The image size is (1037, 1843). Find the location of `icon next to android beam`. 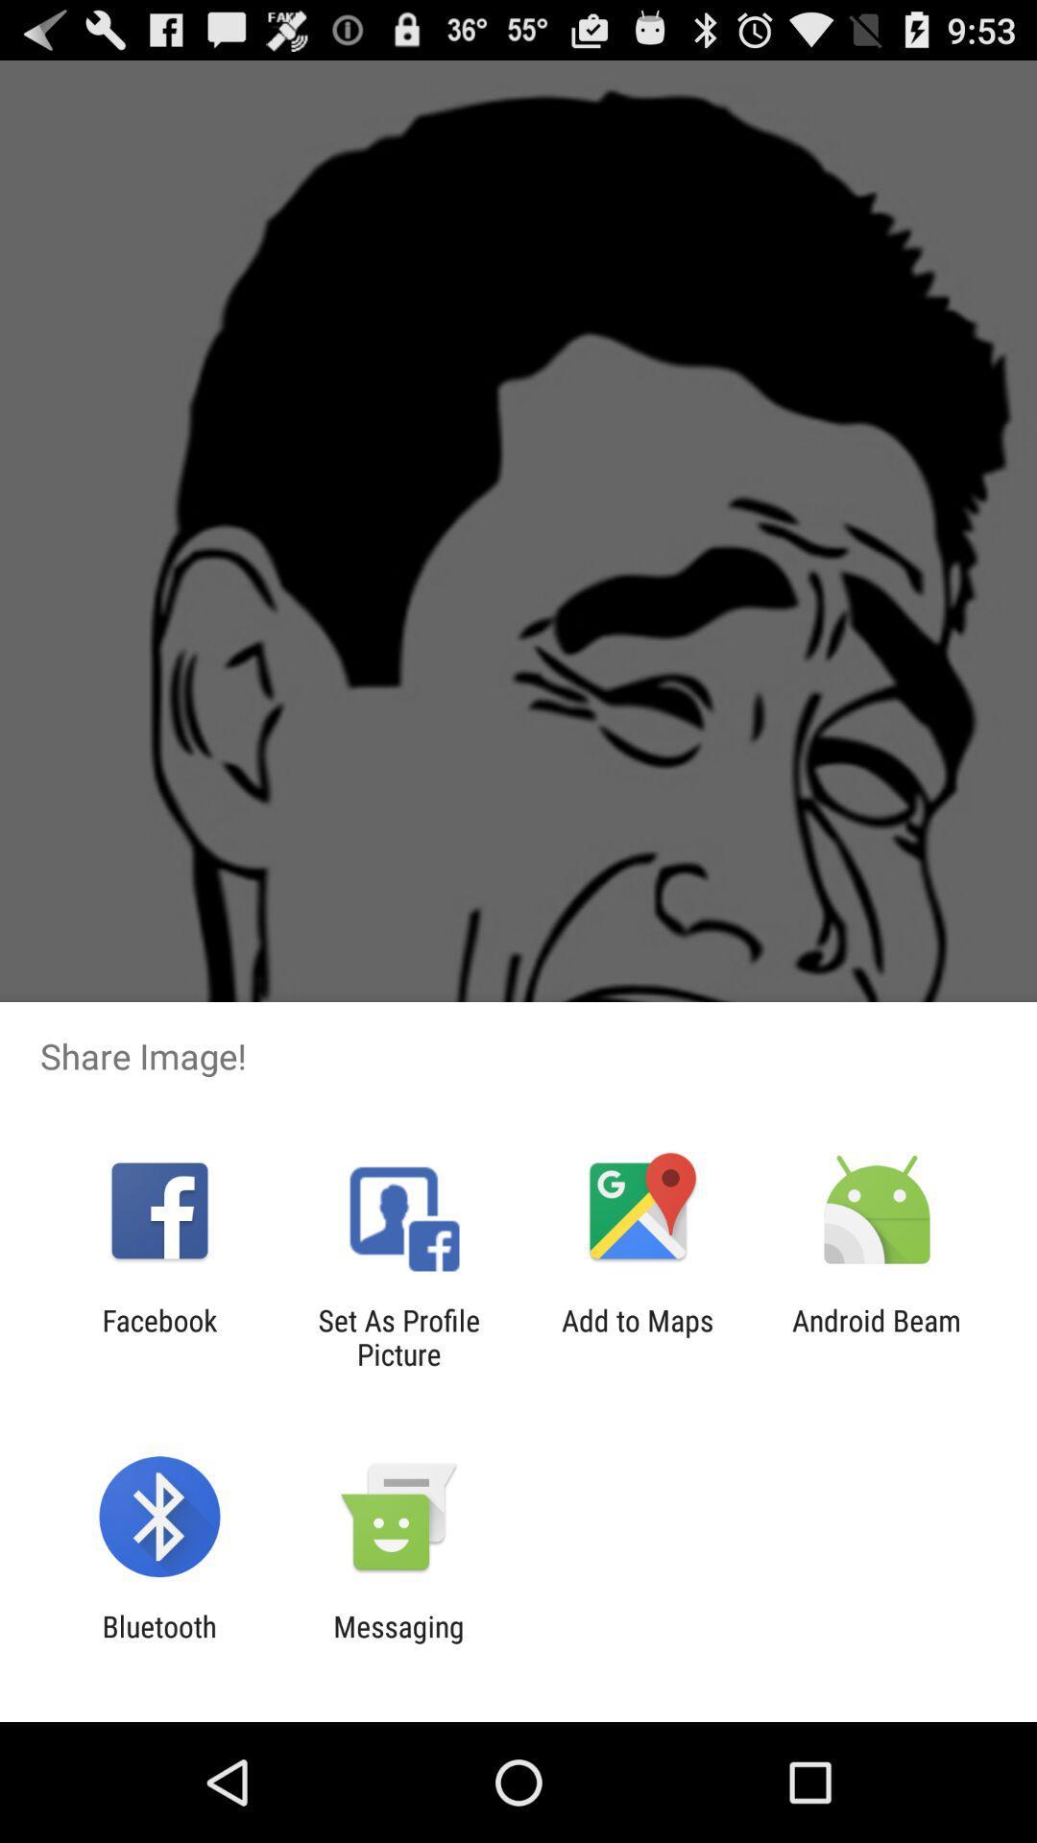

icon next to android beam is located at coordinates (638, 1336).